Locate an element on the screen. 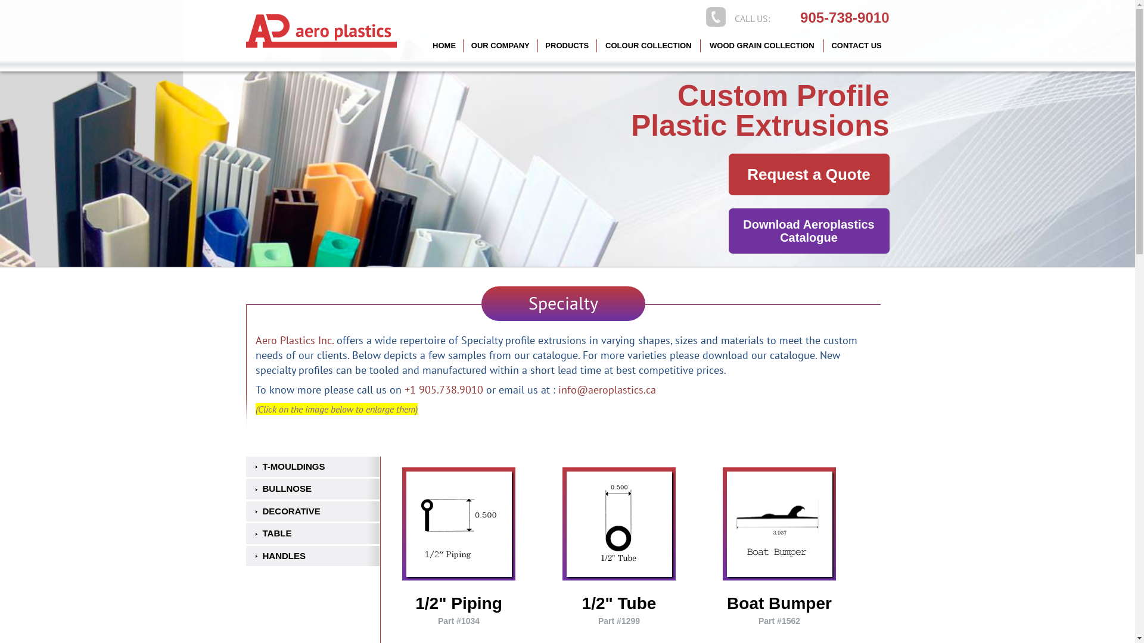  'PRODUCTS' is located at coordinates (537, 45).